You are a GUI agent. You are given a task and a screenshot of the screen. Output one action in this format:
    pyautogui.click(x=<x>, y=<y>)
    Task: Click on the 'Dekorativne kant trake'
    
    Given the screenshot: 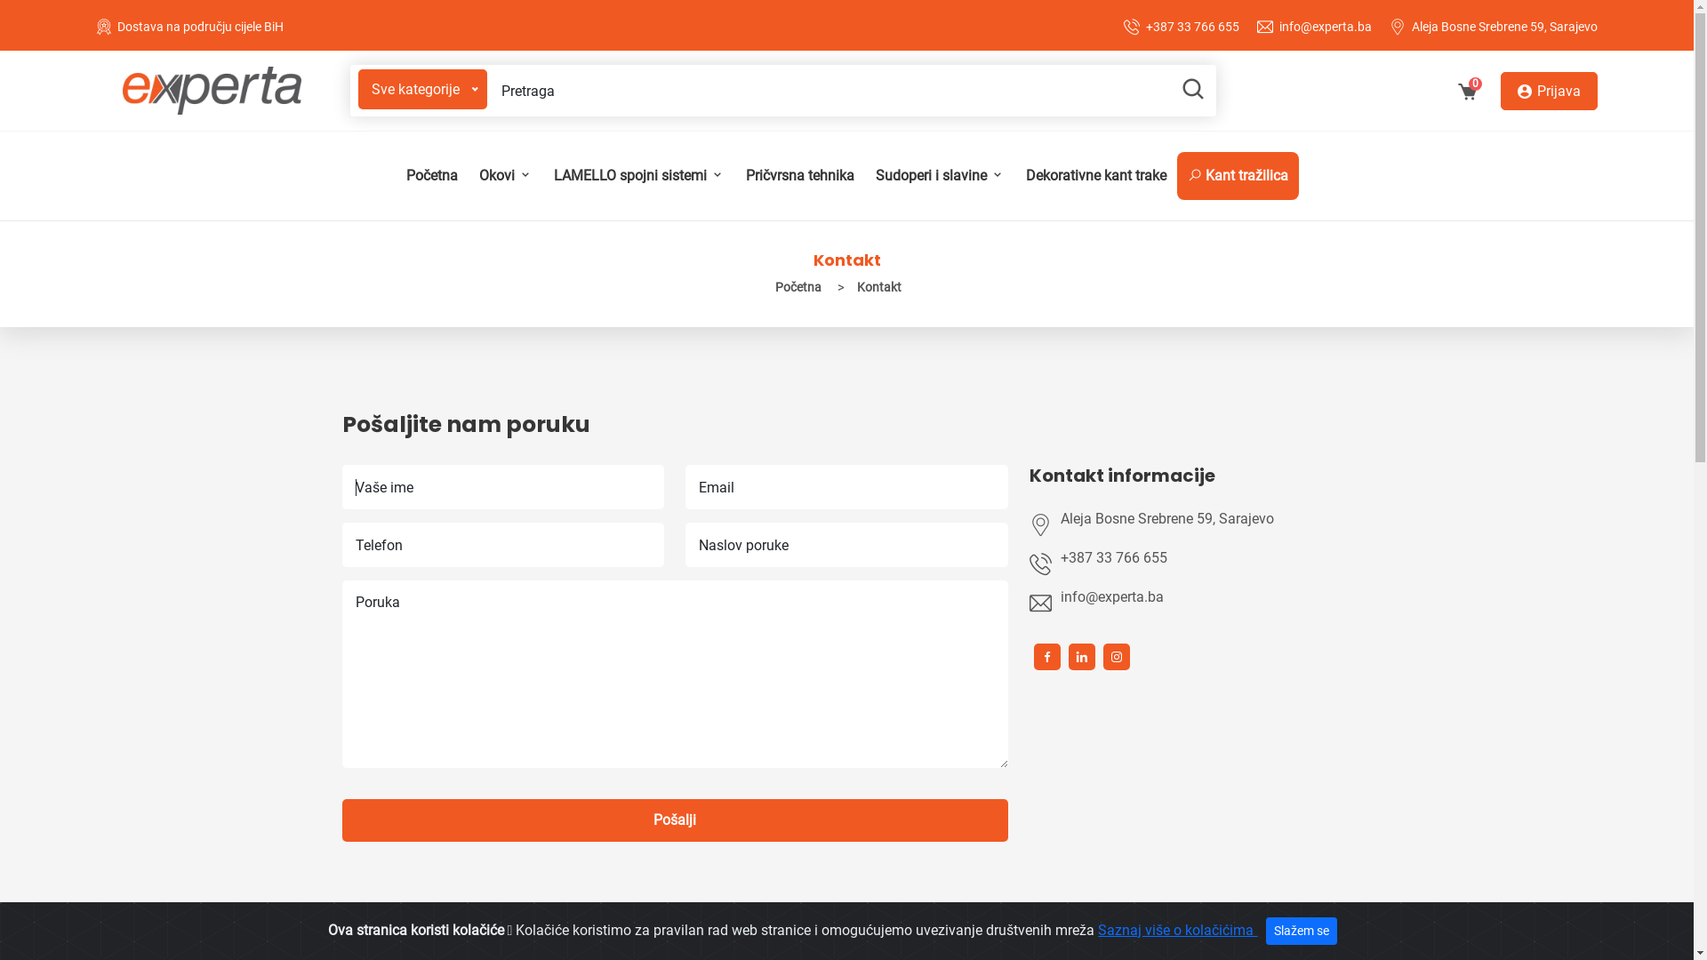 What is the action you would take?
    pyautogui.click(x=1095, y=175)
    